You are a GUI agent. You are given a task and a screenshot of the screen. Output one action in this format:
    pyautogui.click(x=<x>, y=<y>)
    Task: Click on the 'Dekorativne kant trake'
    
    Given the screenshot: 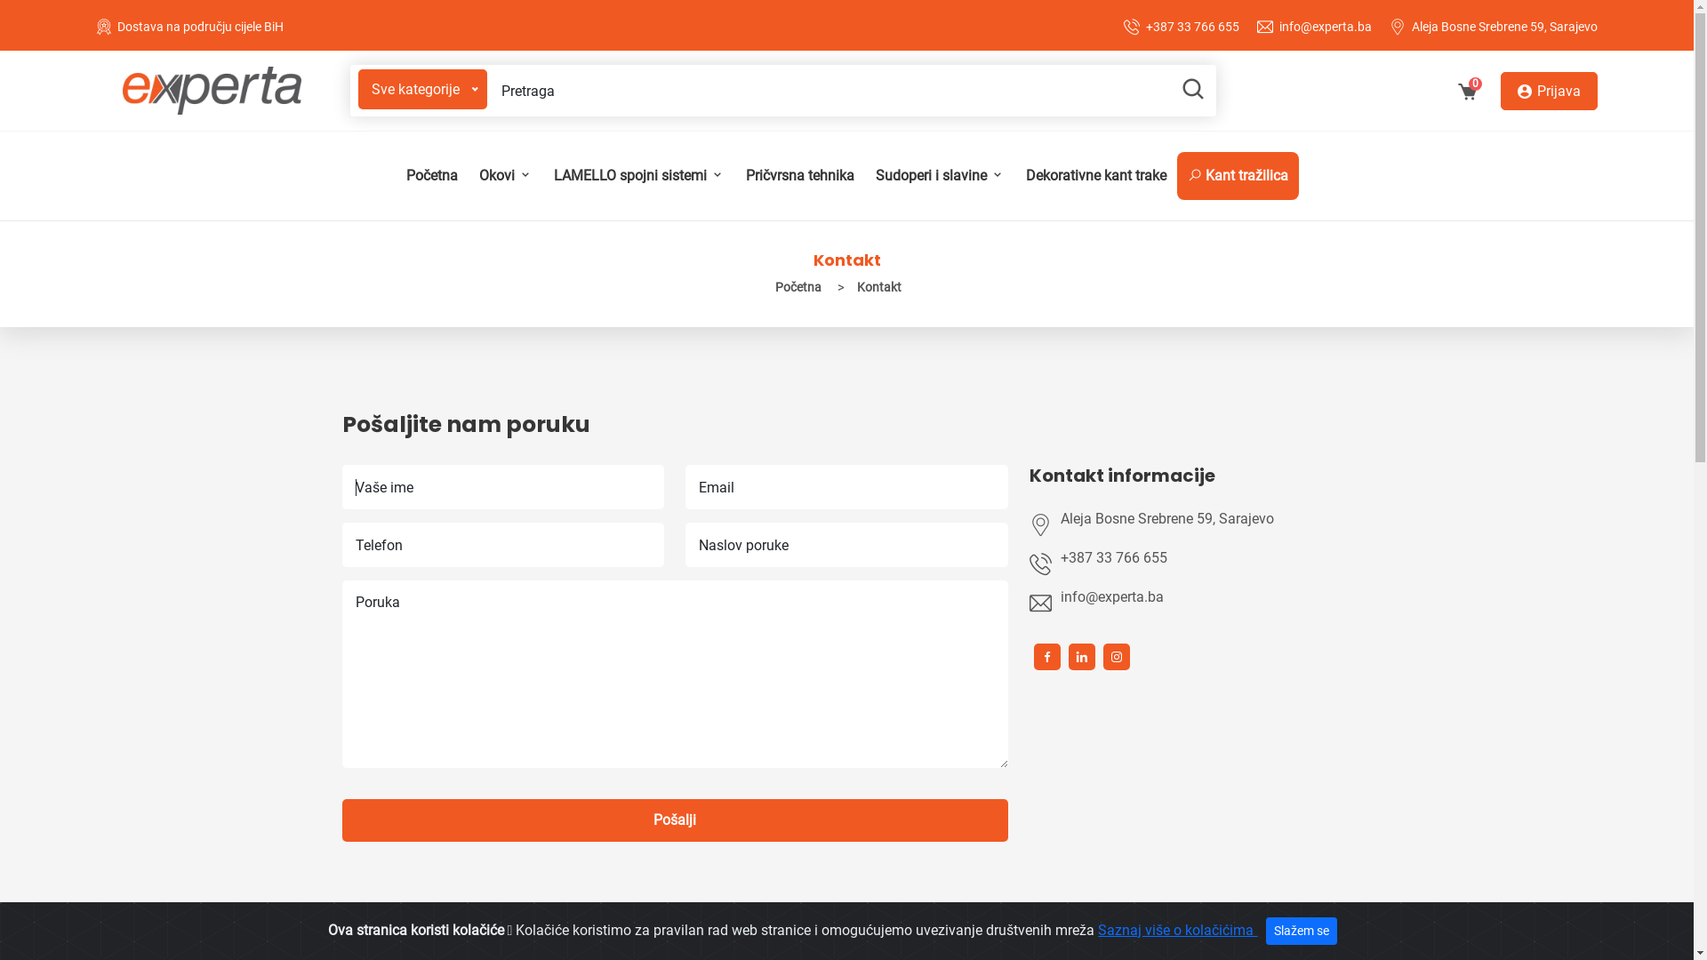 What is the action you would take?
    pyautogui.click(x=1095, y=175)
    